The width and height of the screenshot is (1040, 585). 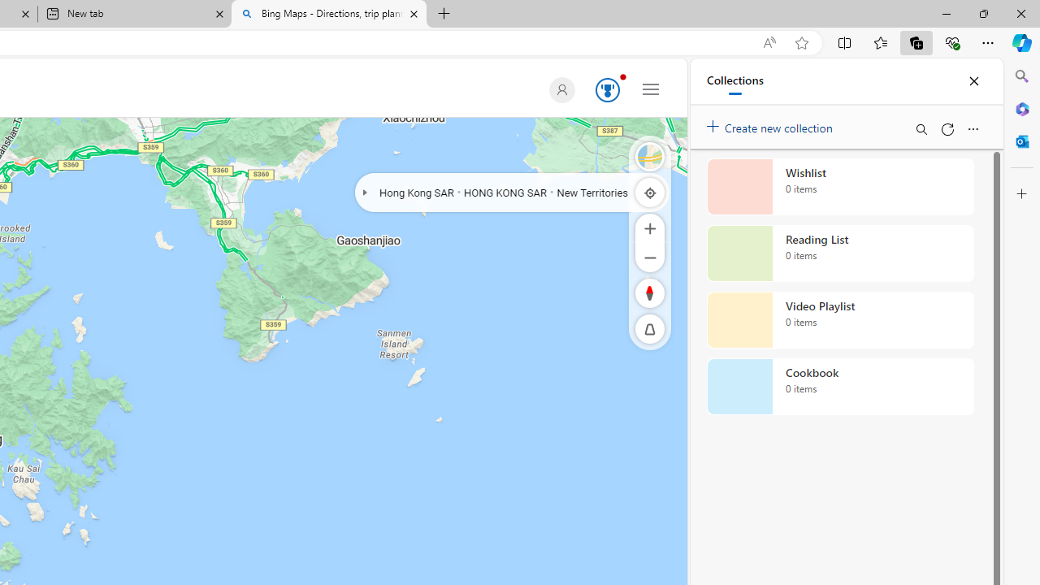 I want to click on 'Default Profile Picture', so click(x=559, y=89).